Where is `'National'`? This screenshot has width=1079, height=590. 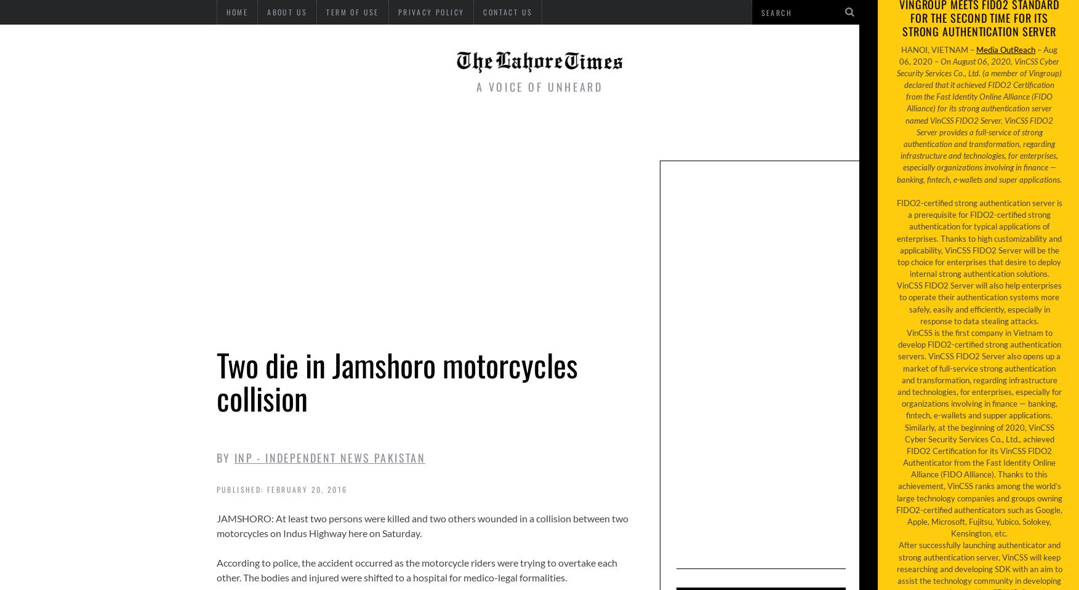
'National' is located at coordinates (384, 130).